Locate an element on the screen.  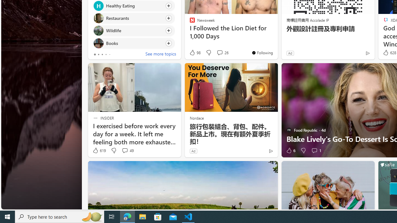
'Wildlife' is located at coordinates (98, 31).